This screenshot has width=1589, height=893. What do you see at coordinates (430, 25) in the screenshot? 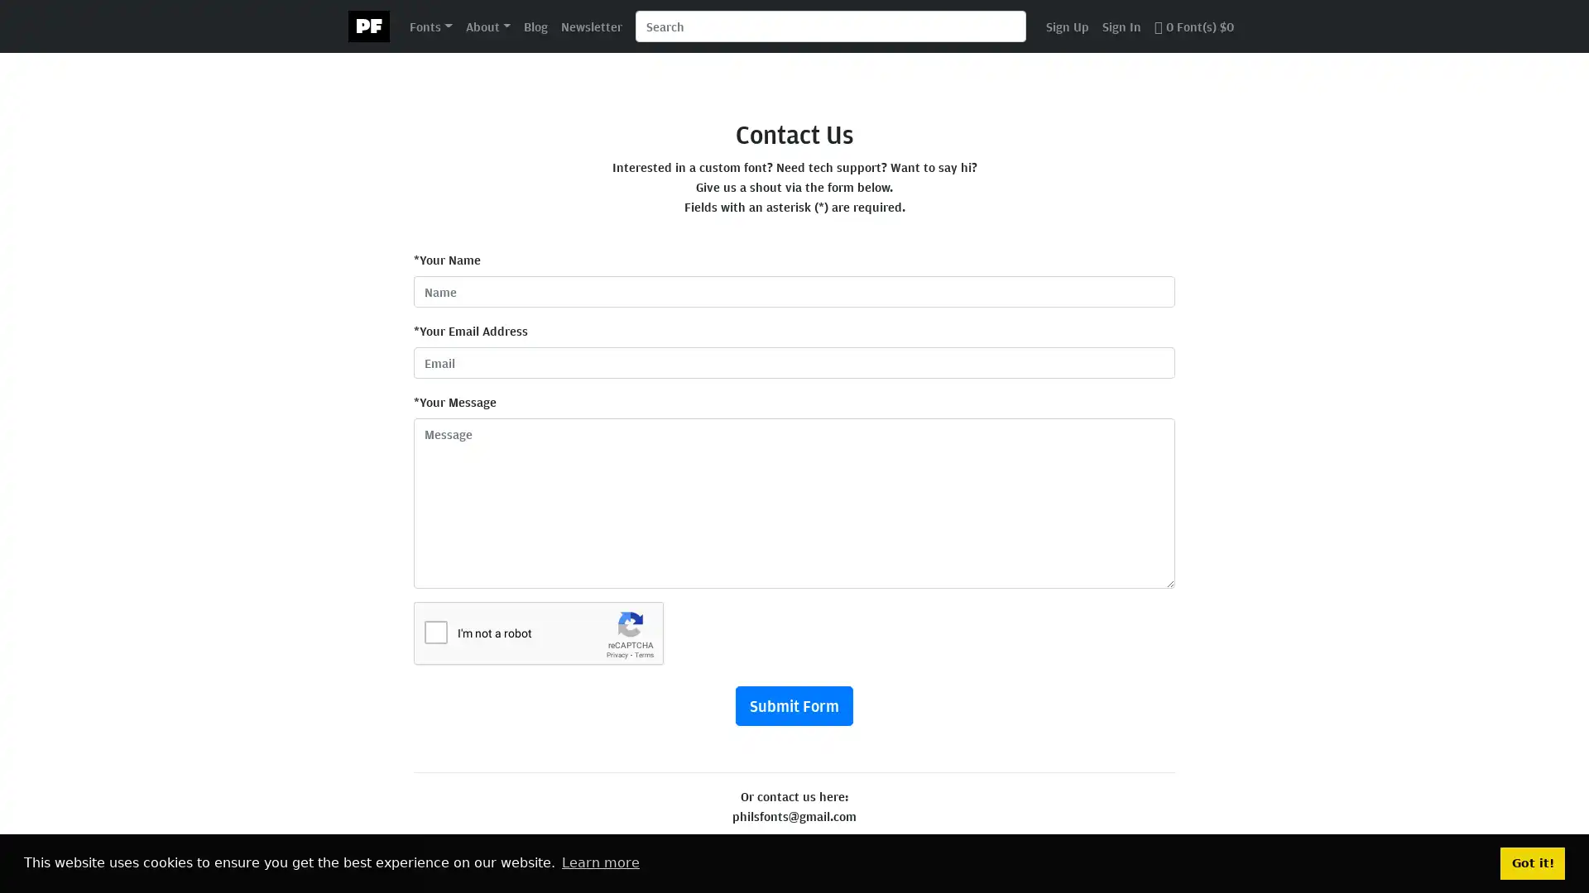
I see `Fonts` at bounding box center [430, 25].